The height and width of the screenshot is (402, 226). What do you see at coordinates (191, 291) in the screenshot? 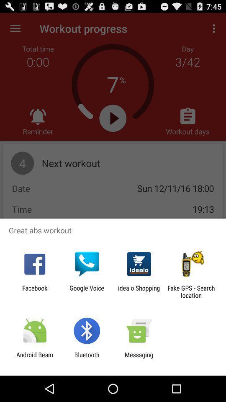
I see `app next to the idealo shopping item` at bounding box center [191, 291].